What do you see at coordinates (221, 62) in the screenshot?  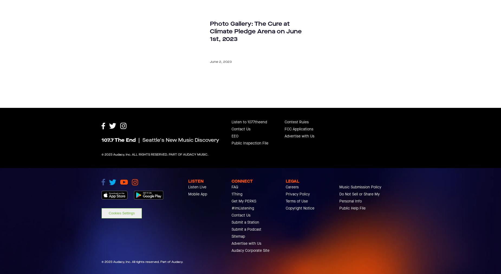 I see `'June 2, 2023'` at bounding box center [221, 62].